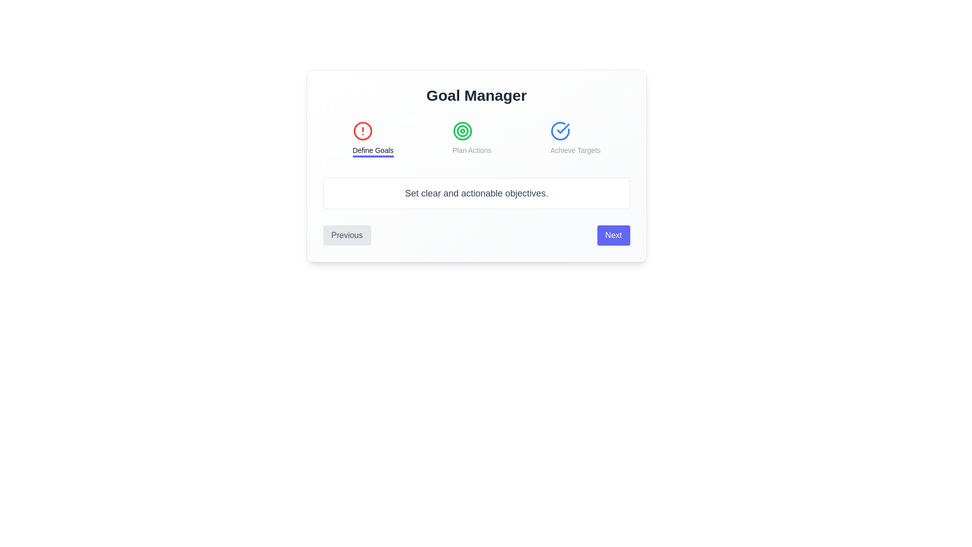 This screenshot has height=547, width=972. Describe the element at coordinates (347, 236) in the screenshot. I see `the 'Previous' button to navigate to the previous stage` at that location.